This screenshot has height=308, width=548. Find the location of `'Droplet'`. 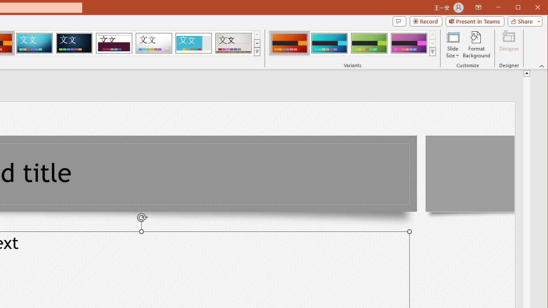

'Droplet' is located at coordinates (154, 43).